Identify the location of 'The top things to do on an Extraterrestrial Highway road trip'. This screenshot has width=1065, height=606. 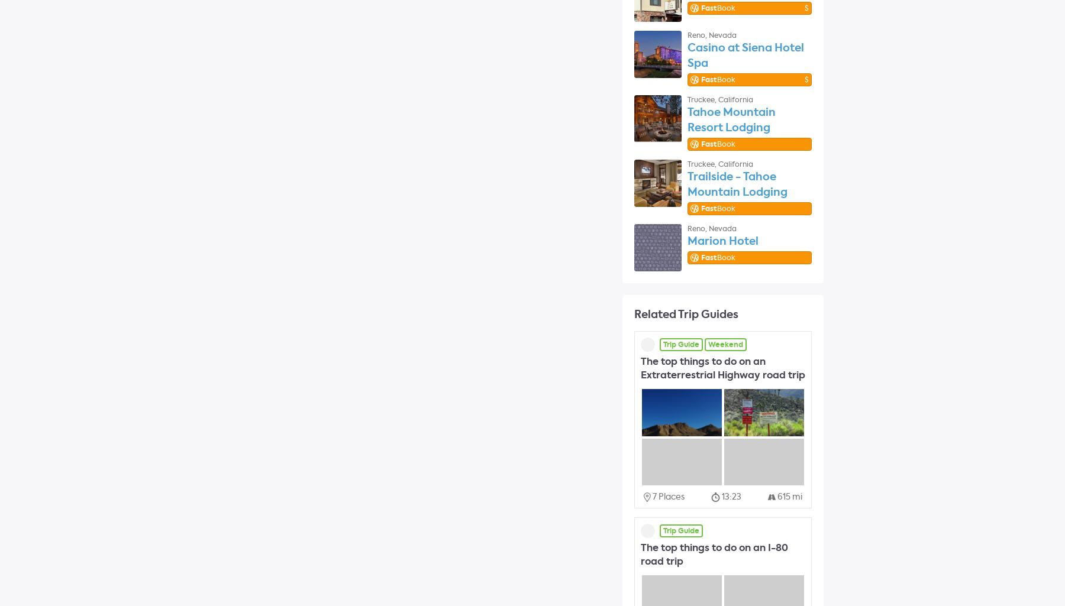
(722, 367).